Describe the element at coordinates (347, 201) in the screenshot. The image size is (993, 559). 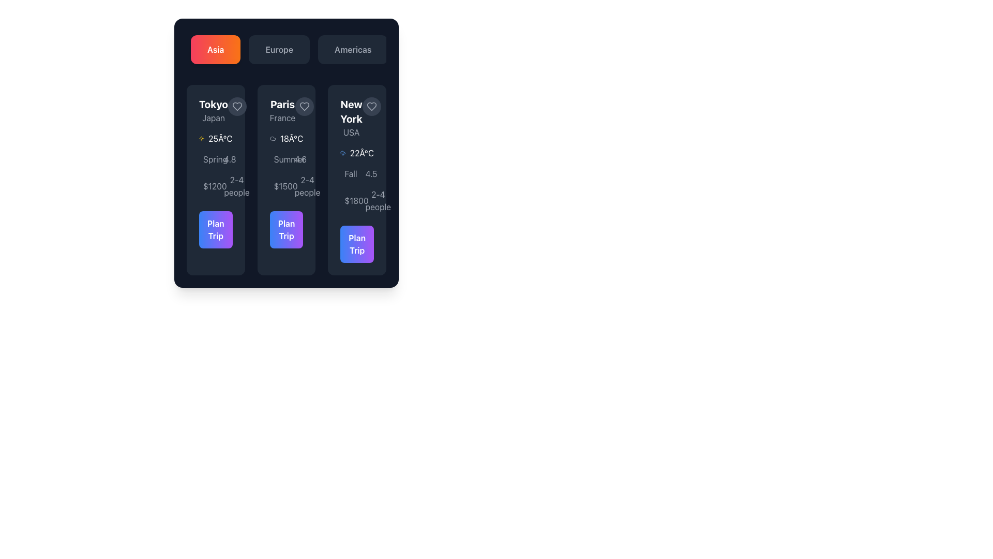
I see `displayed price value '$1800' from the static text with icon located below the temperature detail in the 'New York USA' card` at that location.